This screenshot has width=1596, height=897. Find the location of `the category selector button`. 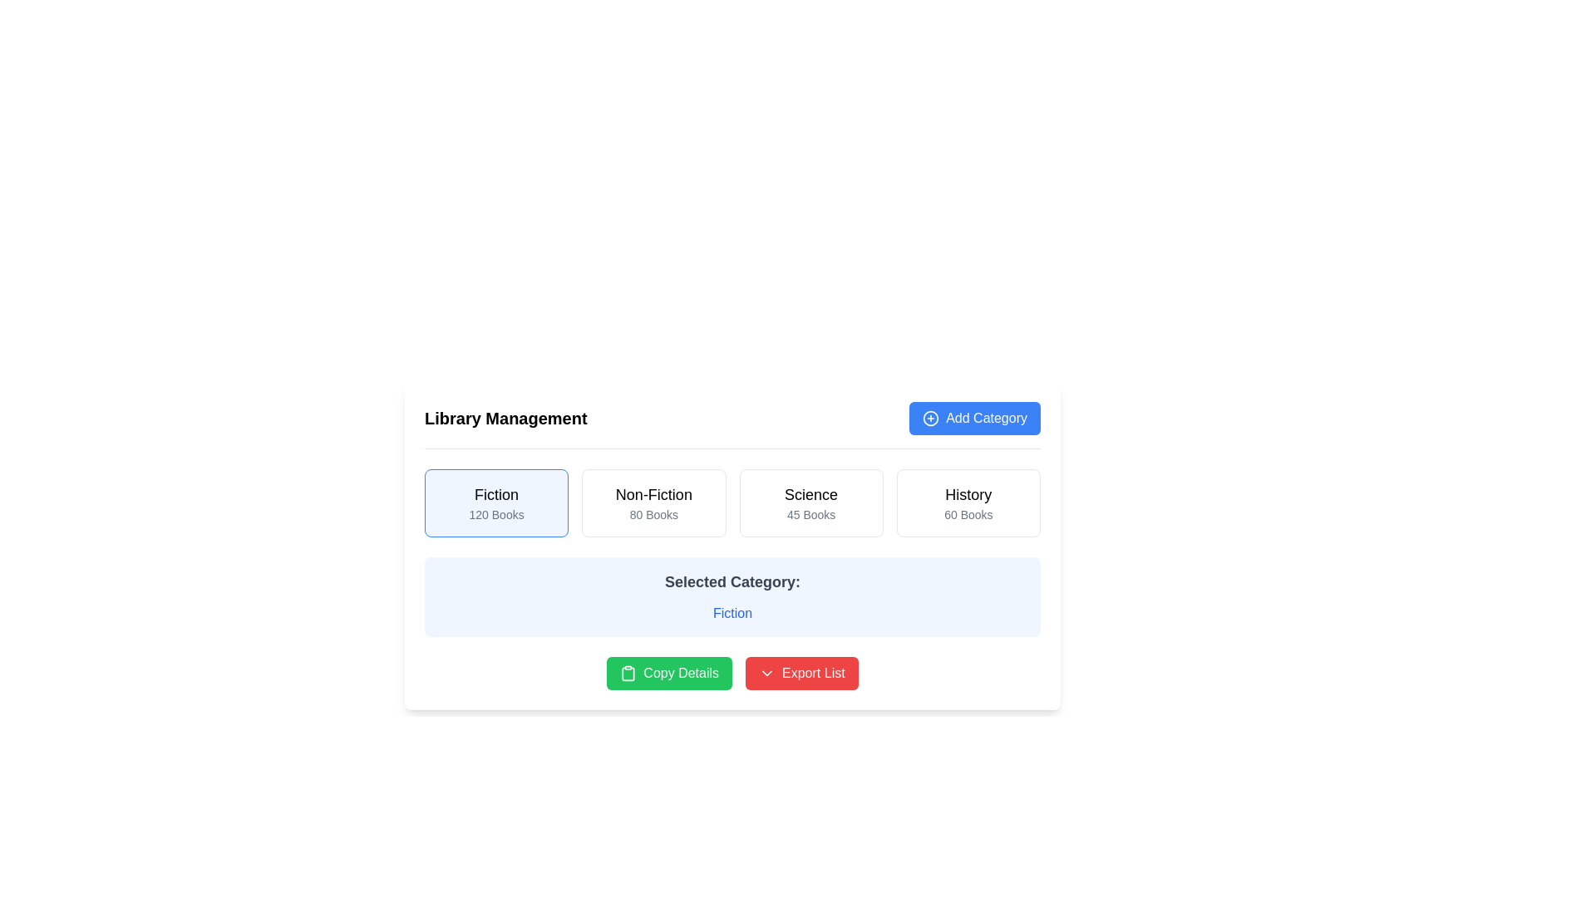

the category selector button is located at coordinates (495, 502).